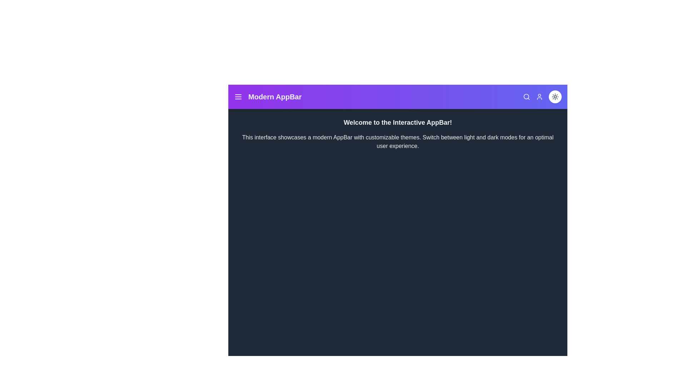 The height and width of the screenshot is (386, 686). Describe the element at coordinates (526, 96) in the screenshot. I see `the search icon to initiate a search` at that location.